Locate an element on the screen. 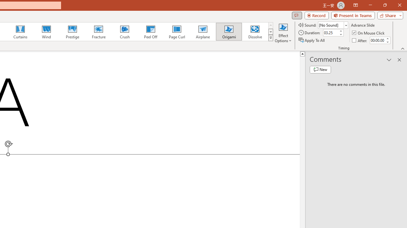 The width and height of the screenshot is (407, 228). 'Wind' is located at coordinates (46, 32).